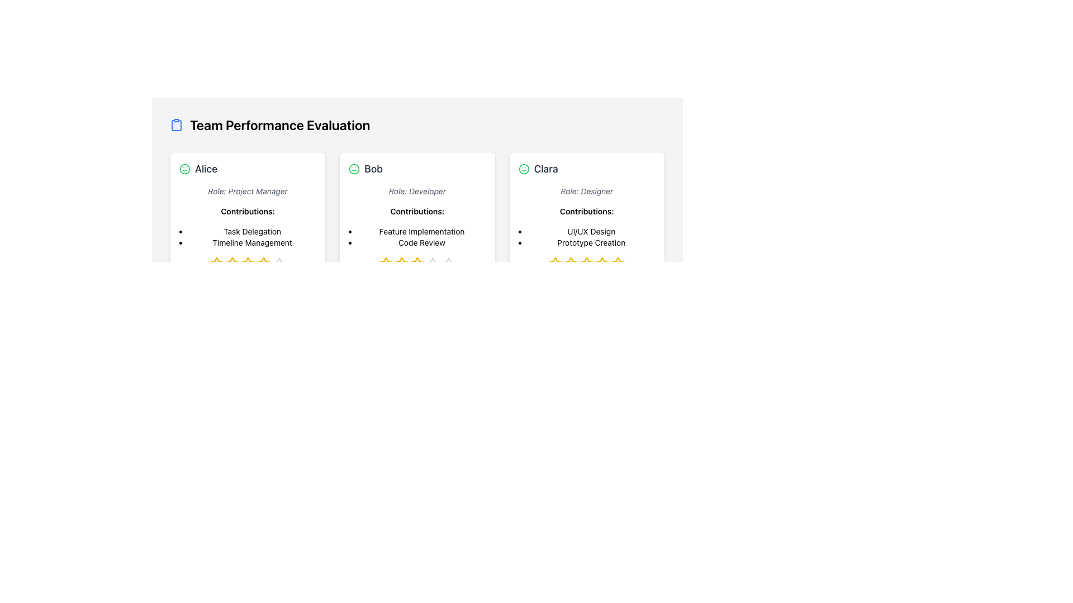 This screenshot has height=603, width=1073. I want to click on the fourth star in the five-star rating system under the 'Contributions' section of the 'Clara' card, so click(571, 263).